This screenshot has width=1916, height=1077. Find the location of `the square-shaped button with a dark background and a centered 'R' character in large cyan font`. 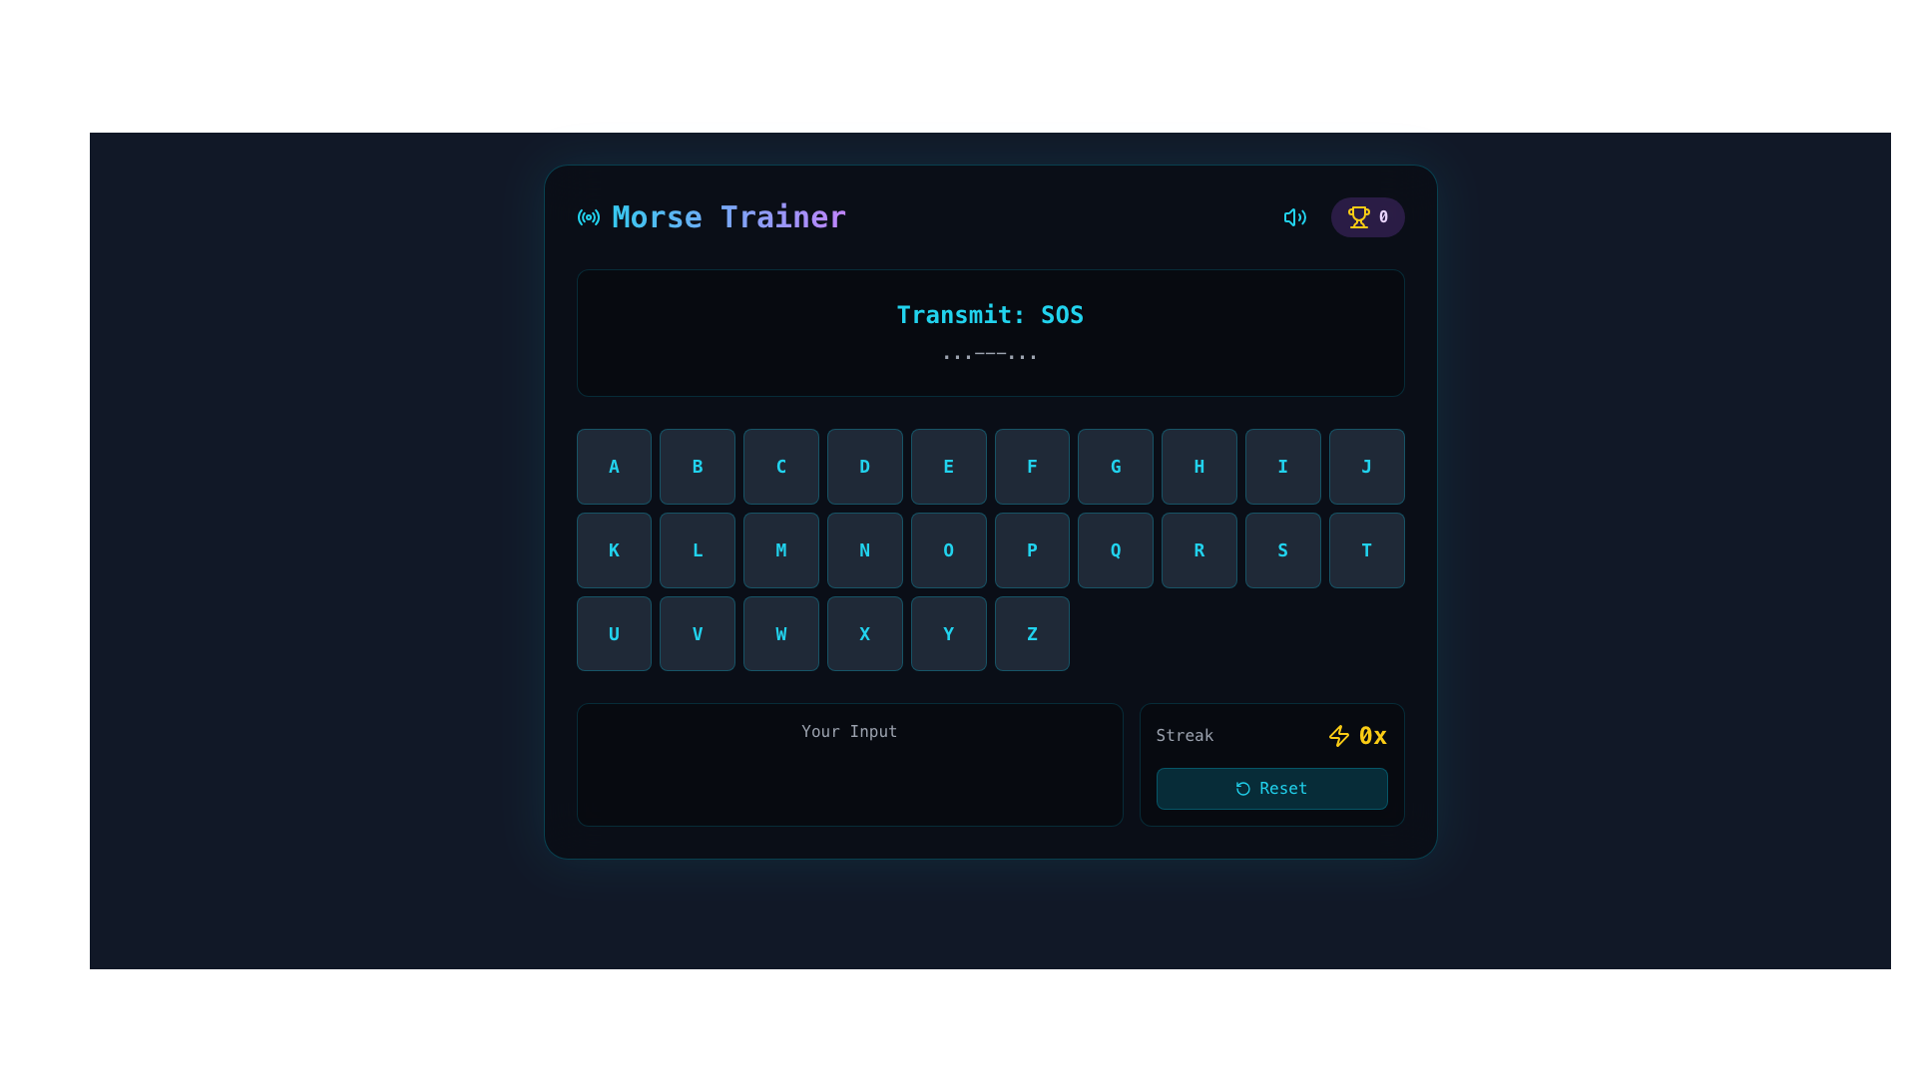

the square-shaped button with a dark background and a centered 'R' character in large cyan font is located at coordinates (1197, 549).